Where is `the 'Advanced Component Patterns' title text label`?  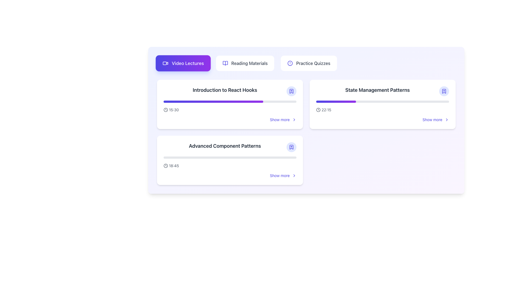 the 'Advanced Component Patterns' title text label is located at coordinates (230, 147).